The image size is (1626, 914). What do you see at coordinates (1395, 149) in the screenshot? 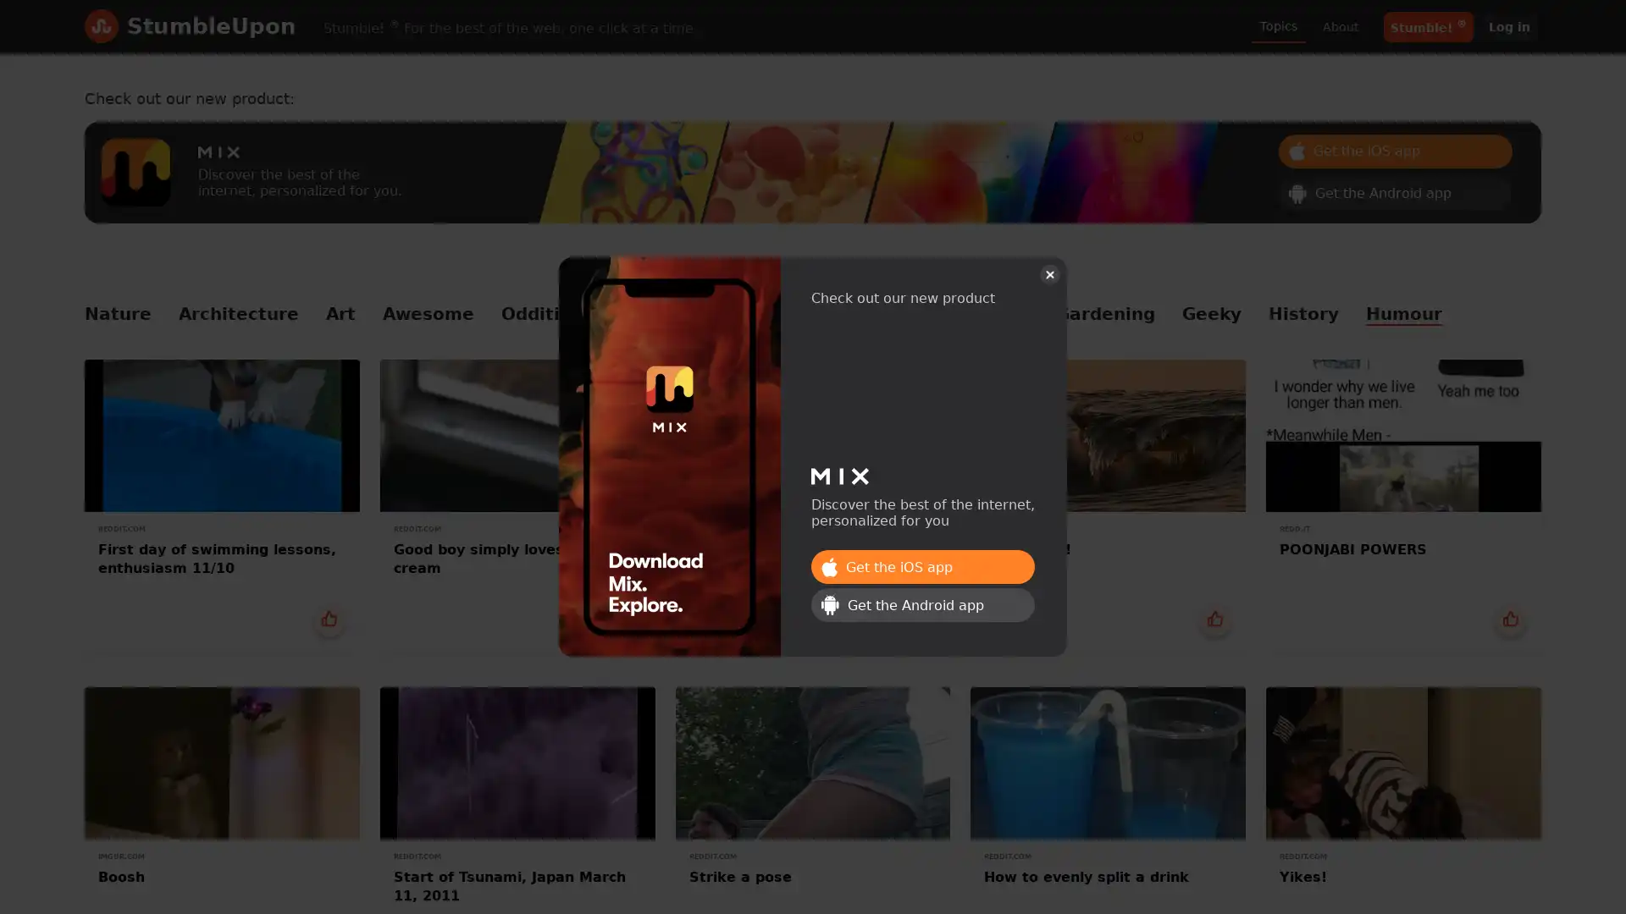
I see `Header Image 1 Get the iOS app` at bounding box center [1395, 149].